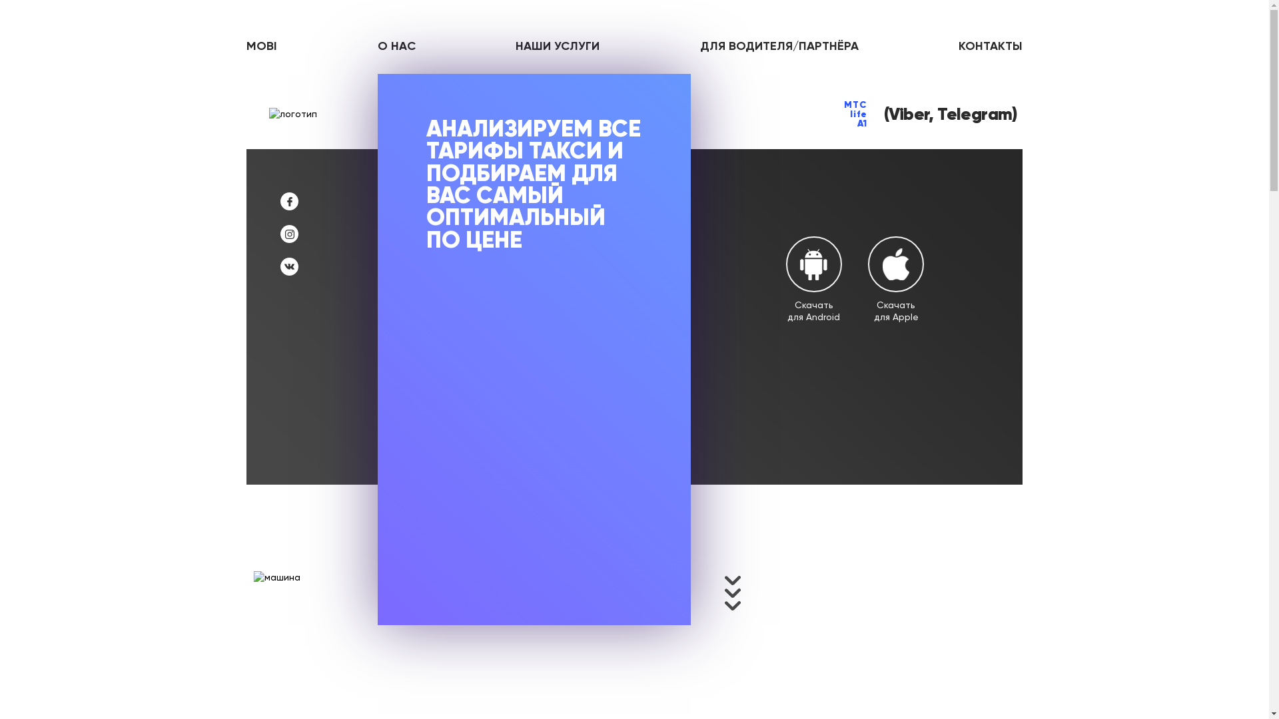  Describe the element at coordinates (262, 45) in the screenshot. I see `'MOBI'` at that location.